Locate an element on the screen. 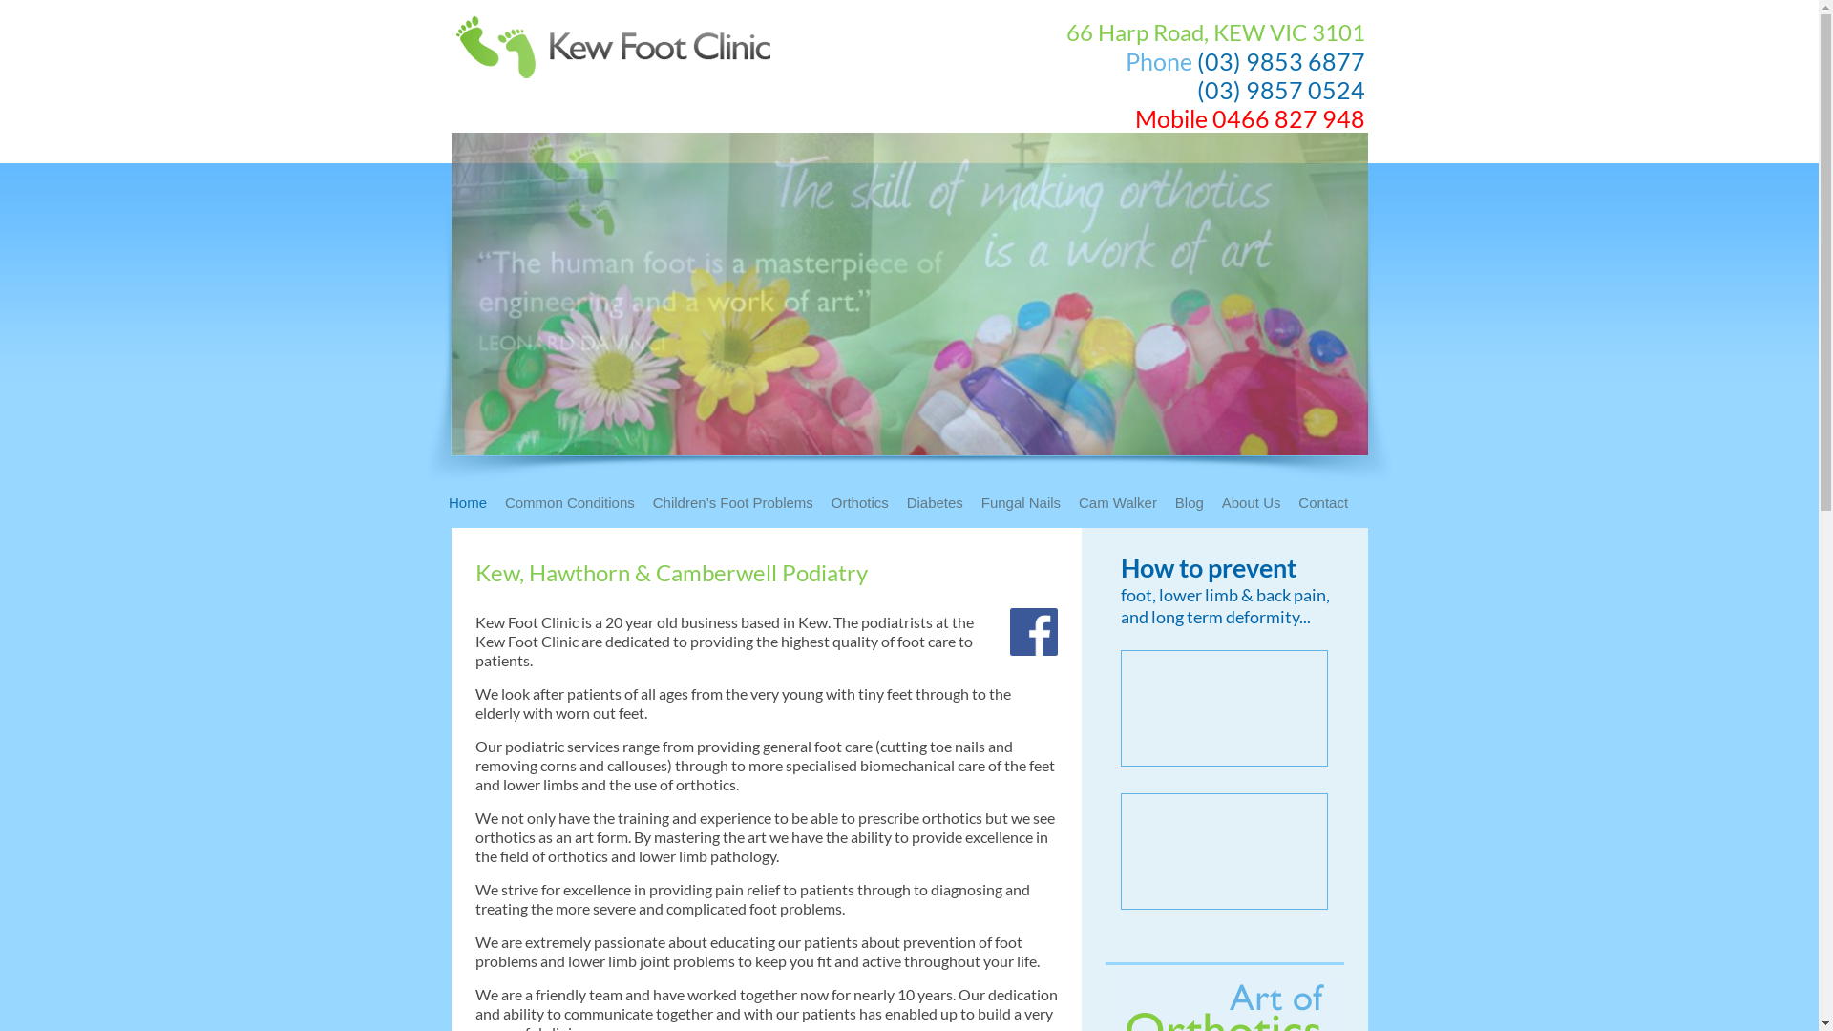  'Contact' is located at coordinates (1329, 507).